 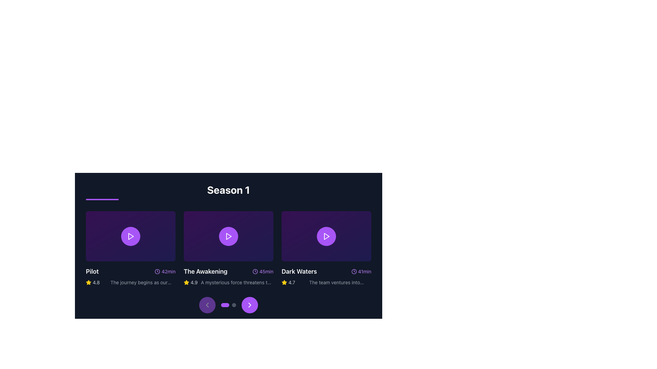 I want to click on the play button located at the center of the second tile in a horizontal list layout of videos or episodes to play the video, so click(x=228, y=235).